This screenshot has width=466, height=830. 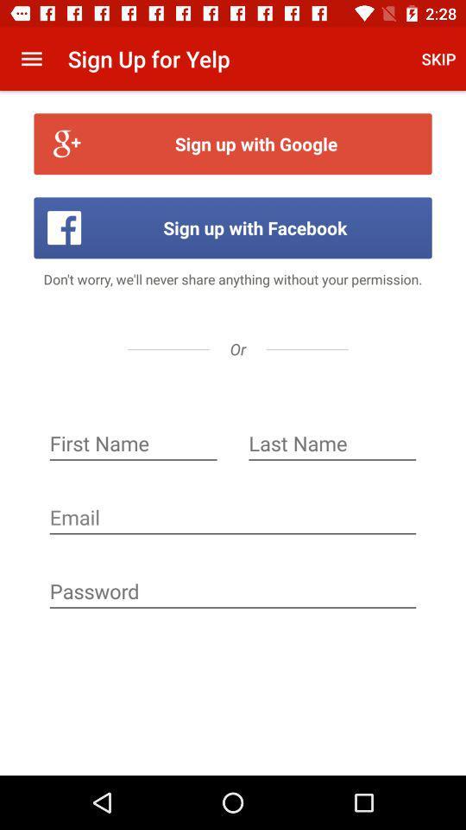 I want to click on the icon at the top right corner, so click(x=438, y=59).